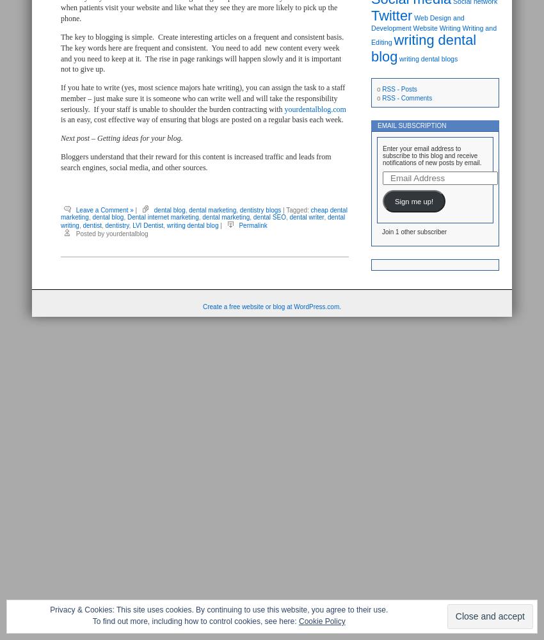 The width and height of the screenshot is (544, 640). I want to click on 'dentistry', so click(116, 225).